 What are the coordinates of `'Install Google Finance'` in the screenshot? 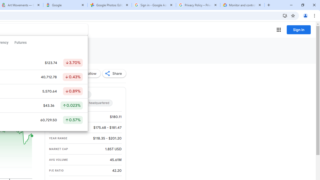 It's located at (285, 15).